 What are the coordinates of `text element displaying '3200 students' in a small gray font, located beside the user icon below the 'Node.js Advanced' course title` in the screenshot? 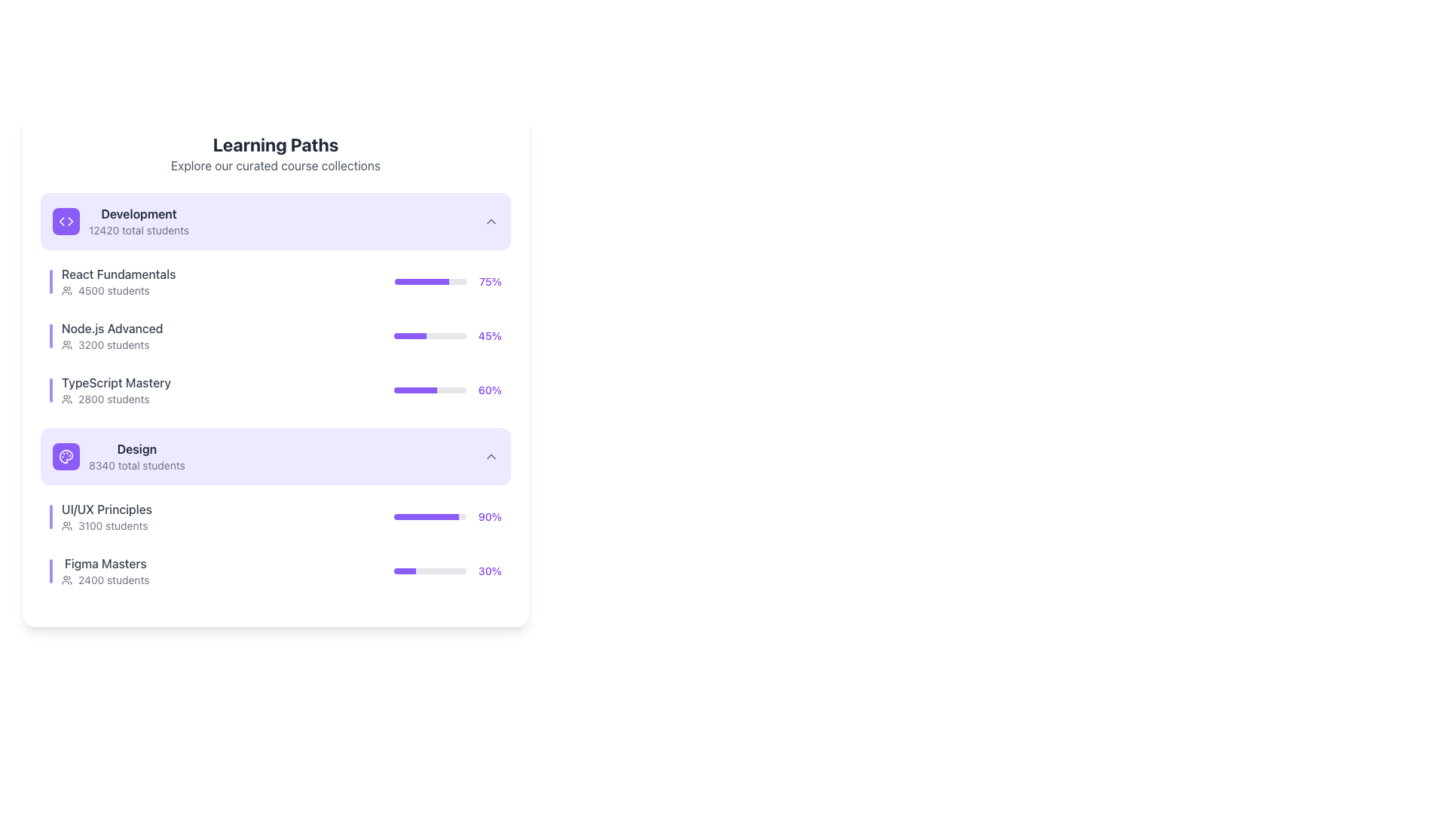 It's located at (113, 345).